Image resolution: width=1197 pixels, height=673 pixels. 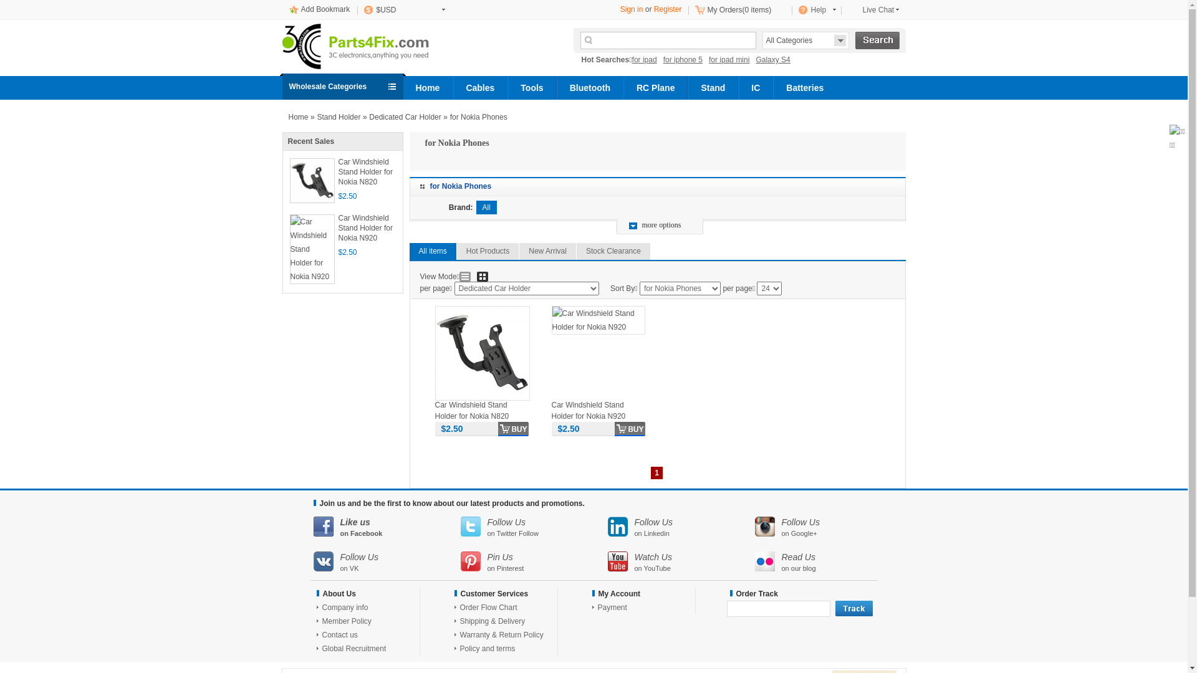 What do you see at coordinates (556, 87) in the screenshot?
I see `'Bluetooth'` at bounding box center [556, 87].